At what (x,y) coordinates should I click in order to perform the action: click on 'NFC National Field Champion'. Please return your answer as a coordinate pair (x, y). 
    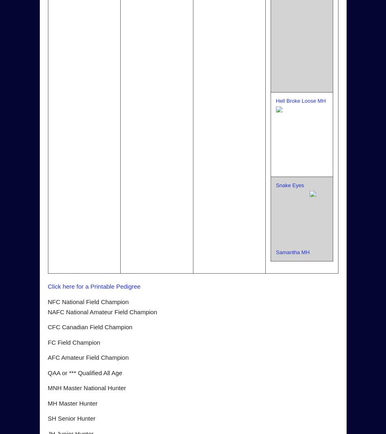
    Looking at the image, I should click on (88, 301).